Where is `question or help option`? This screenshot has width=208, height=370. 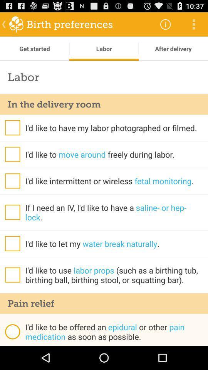
question or help option is located at coordinates (12, 128).